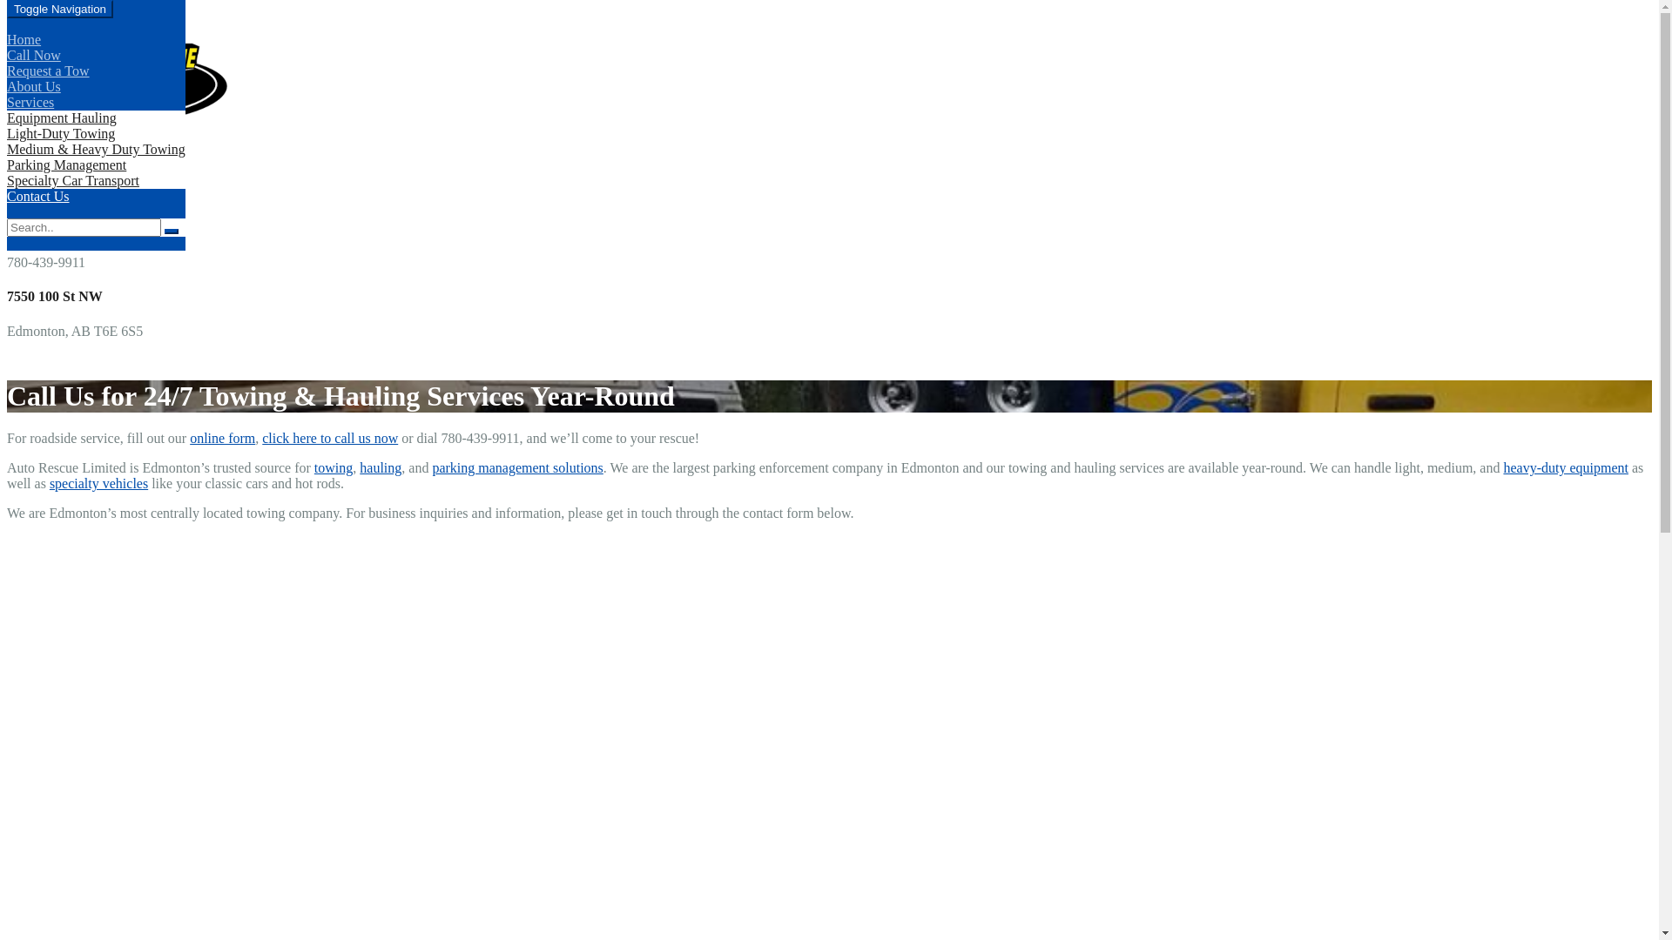 Image resolution: width=1672 pixels, height=940 pixels. I want to click on 'Toggle Navigation', so click(59, 9).